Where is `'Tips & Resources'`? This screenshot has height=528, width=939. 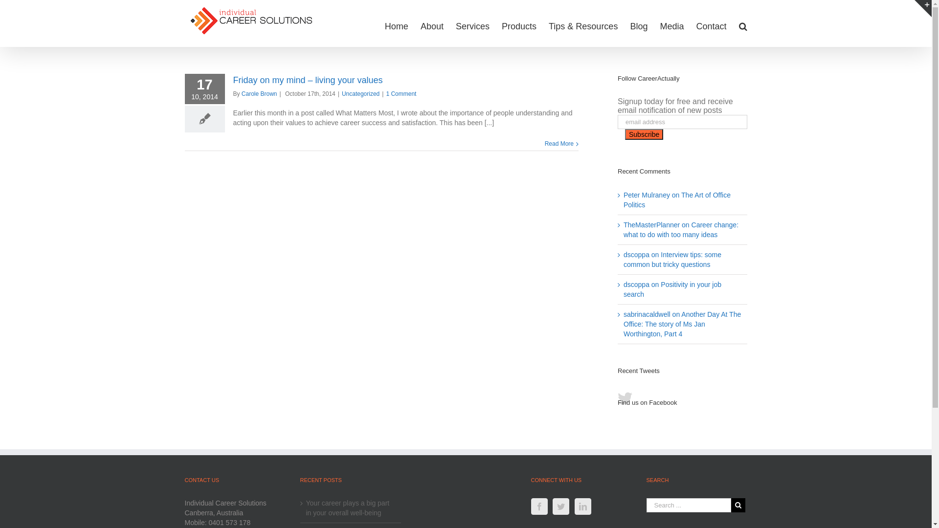
'Tips & Resources' is located at coordinates (583, 25).